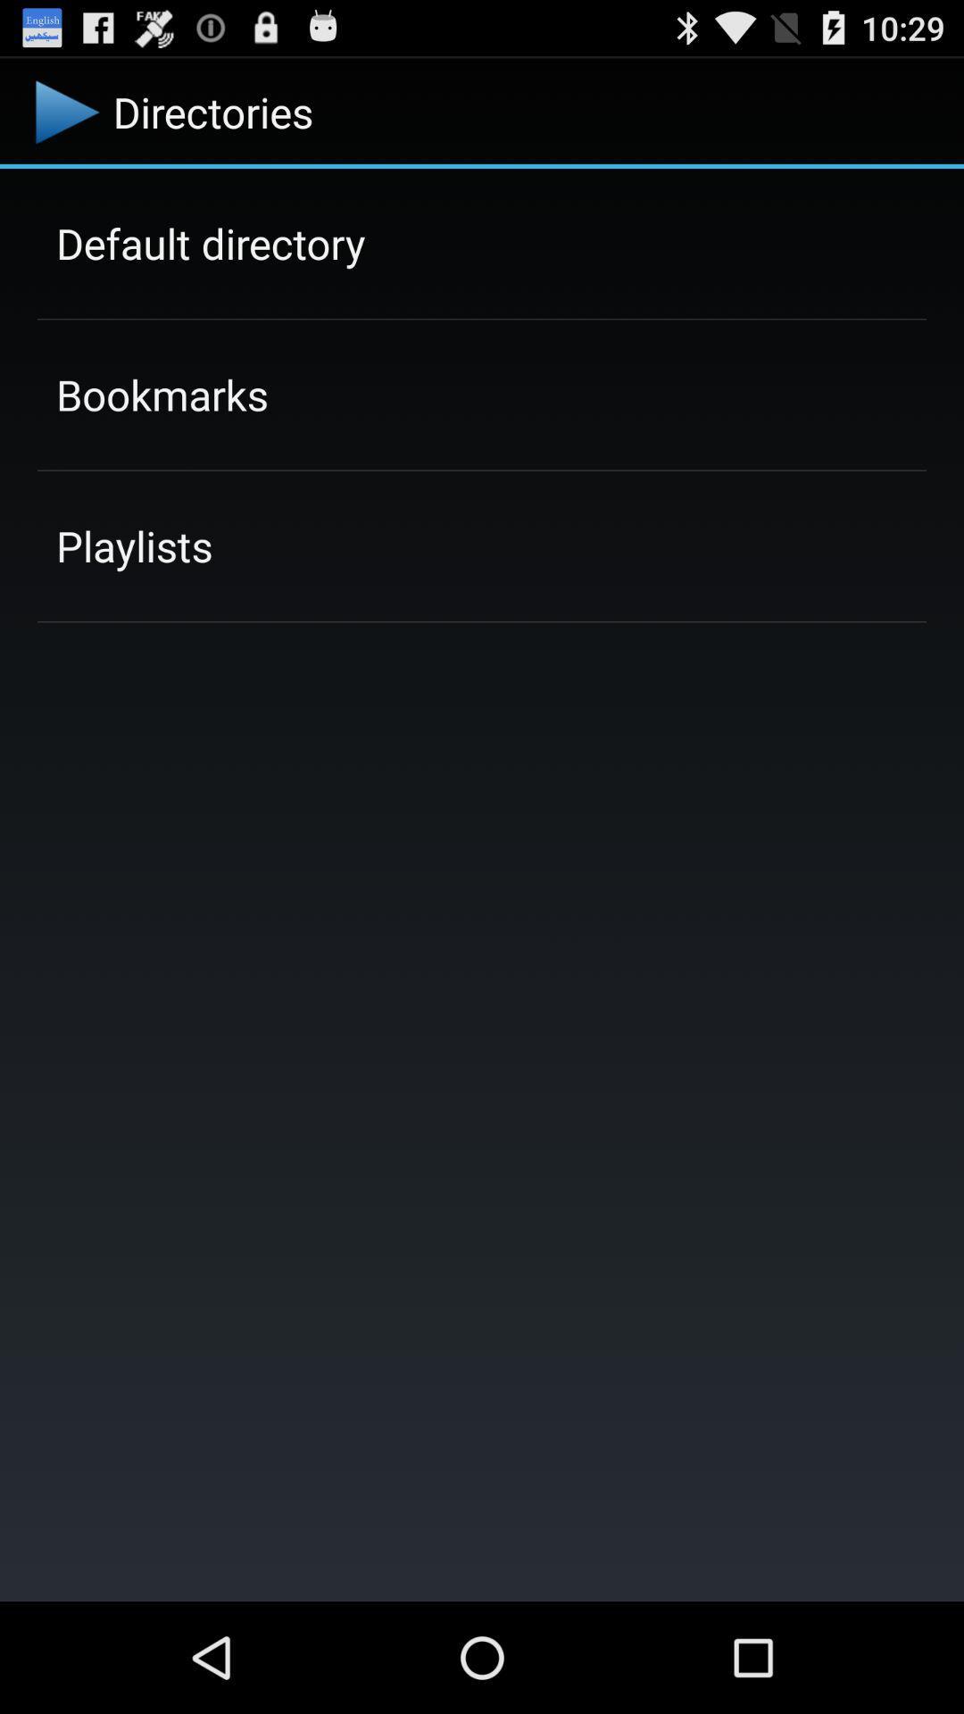  What do you see at coordinates (162, 394) in the screenshot?
I see `the item above the playlists icon` at bounding box center [162, 394].